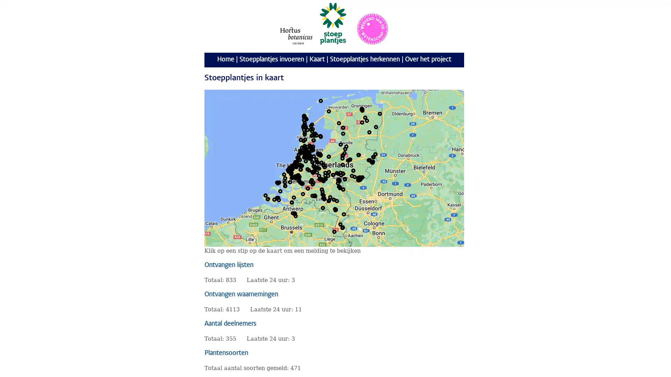  Describe the element at coordinates (324, 199) in the screenshot. I see `Telling van Kitty op 16 oktober 2021` at that location.